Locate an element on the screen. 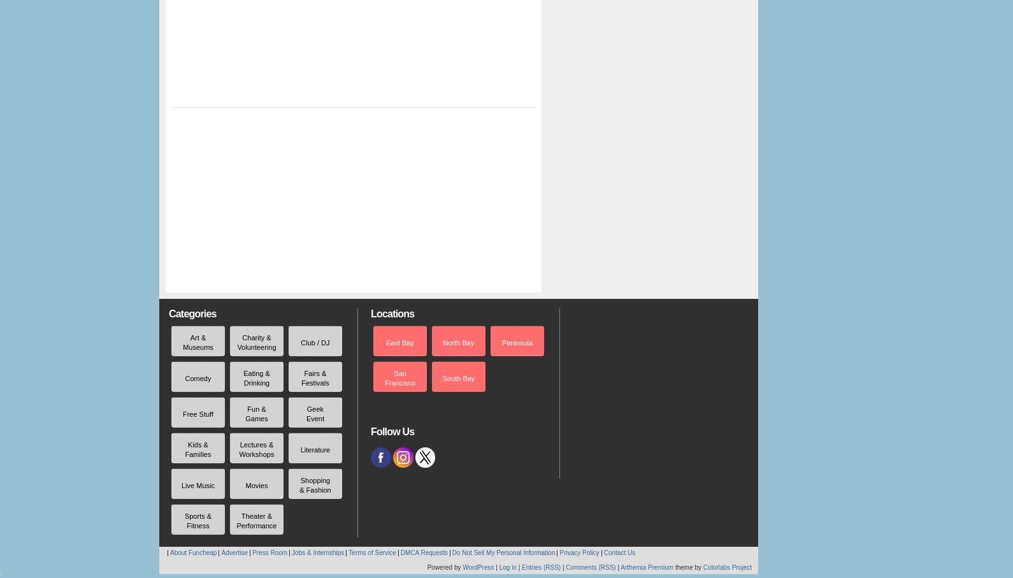  'Terms of Service' is located at coordinates (372, 553).